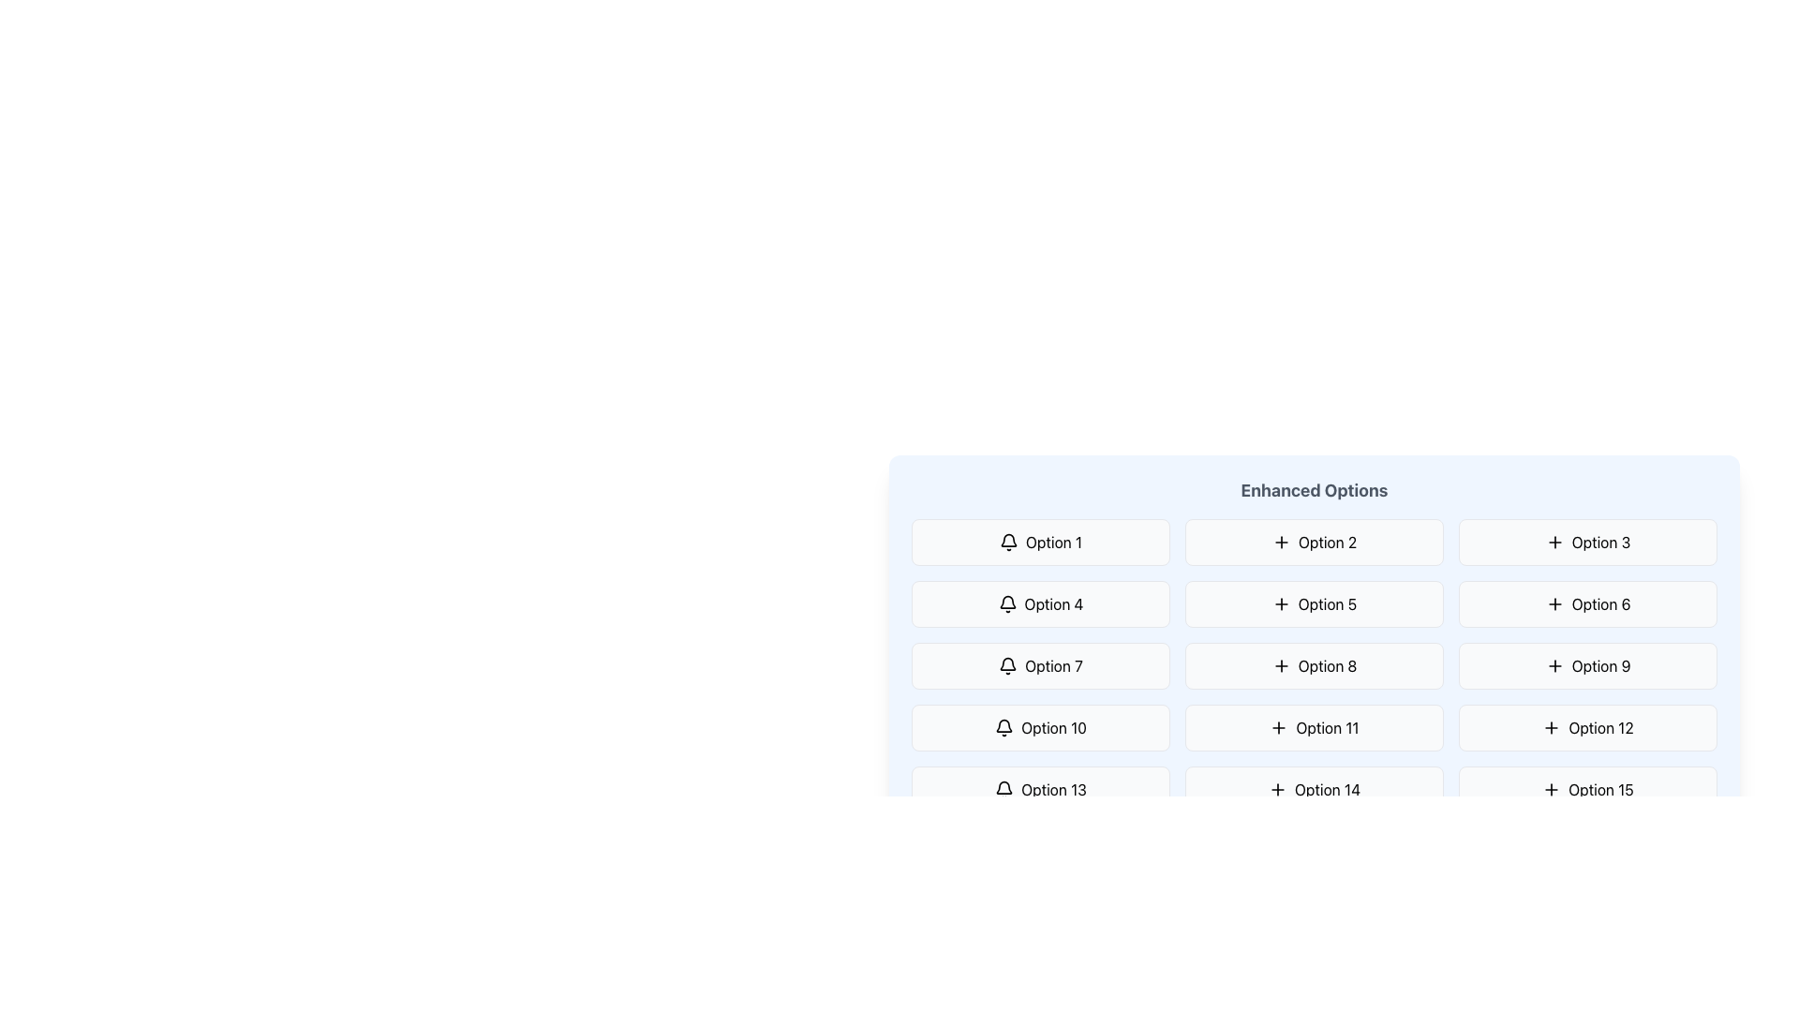 This screenshot has height=1012, width=1799. What do you see at coordinates (1552, 790) in the screenshot?
I see `the action indicator icon located within the fifteenth option button labeled 'Option 15' in the sixth row and third column of the grid layout` at bounding box center [1552, 790].